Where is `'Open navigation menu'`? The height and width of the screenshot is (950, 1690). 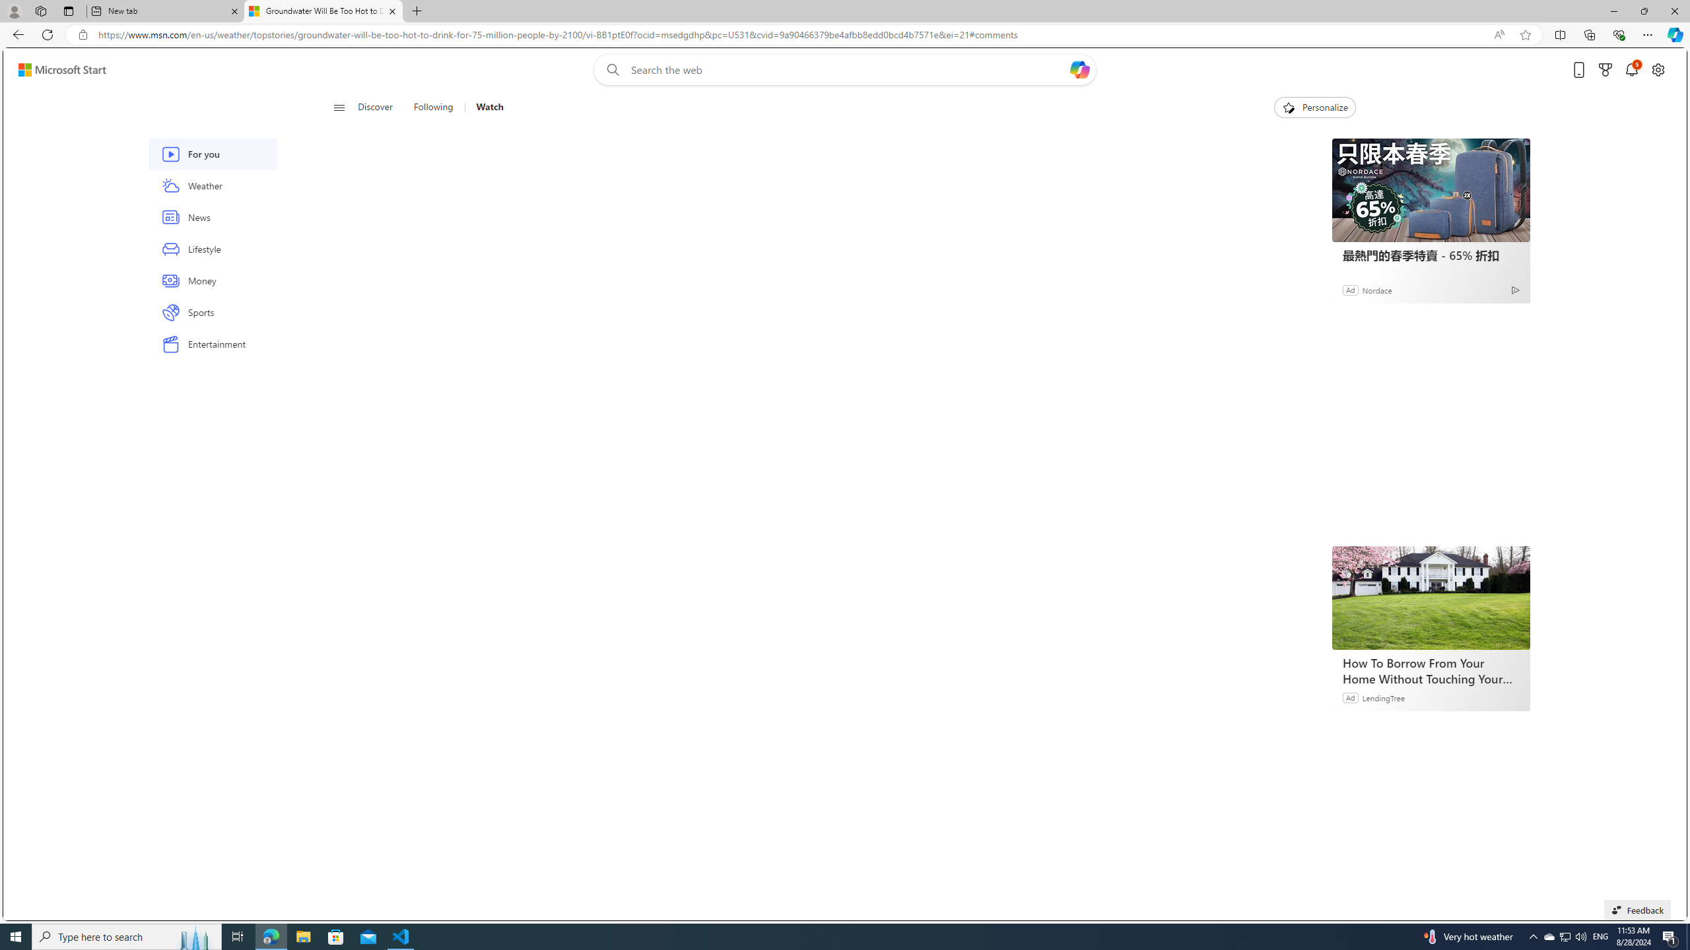 'Open navigation menu' is located at coordinates (339, 106).